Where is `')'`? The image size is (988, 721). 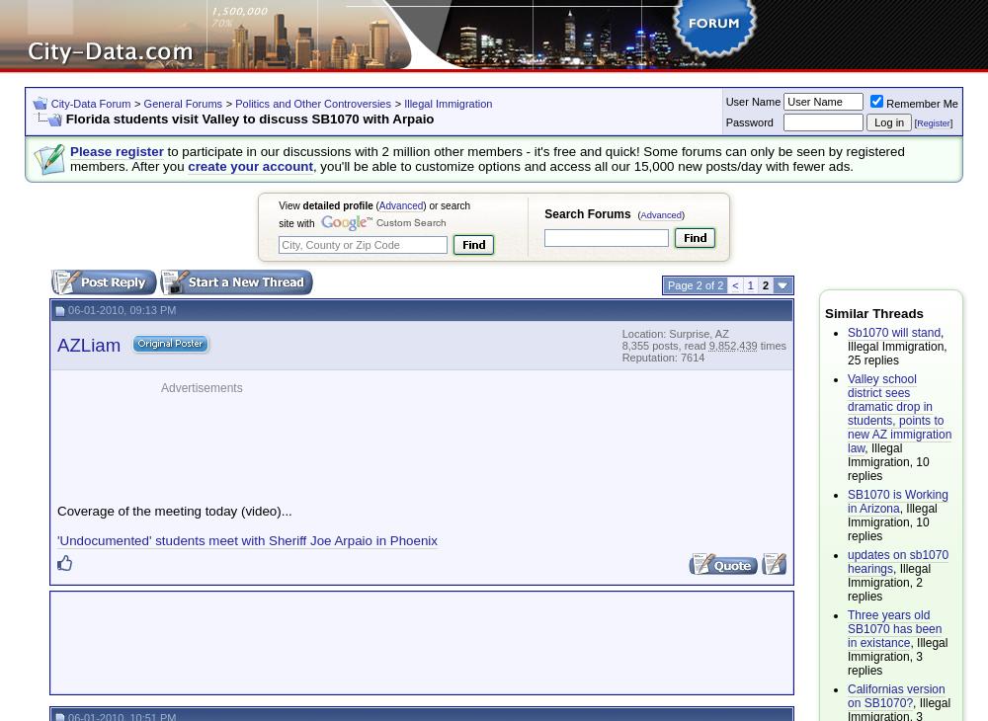
')' is located at coordinates (682, 214).